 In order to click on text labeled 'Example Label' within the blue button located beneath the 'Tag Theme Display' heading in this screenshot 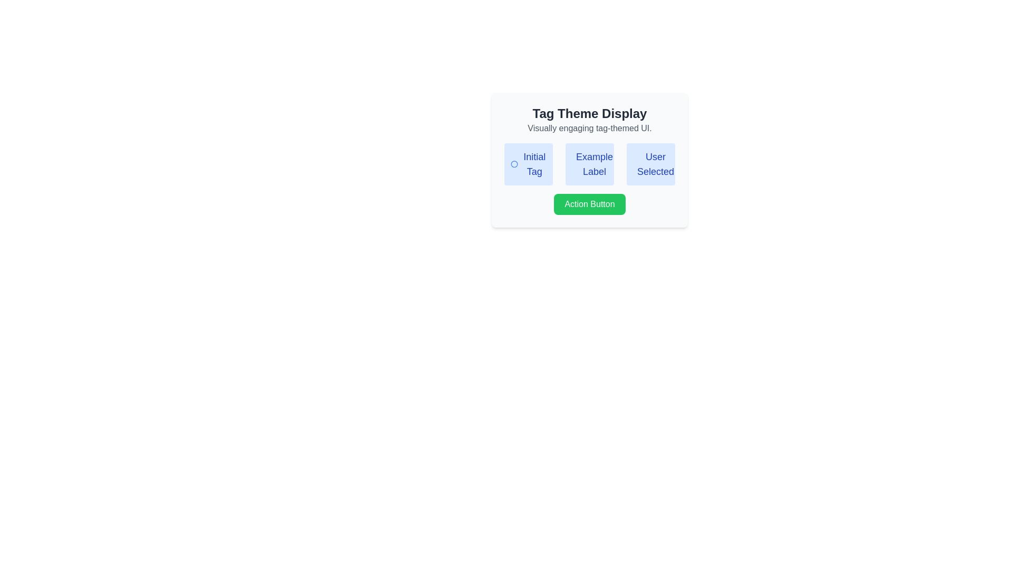, I will do `click(595, 164)`.